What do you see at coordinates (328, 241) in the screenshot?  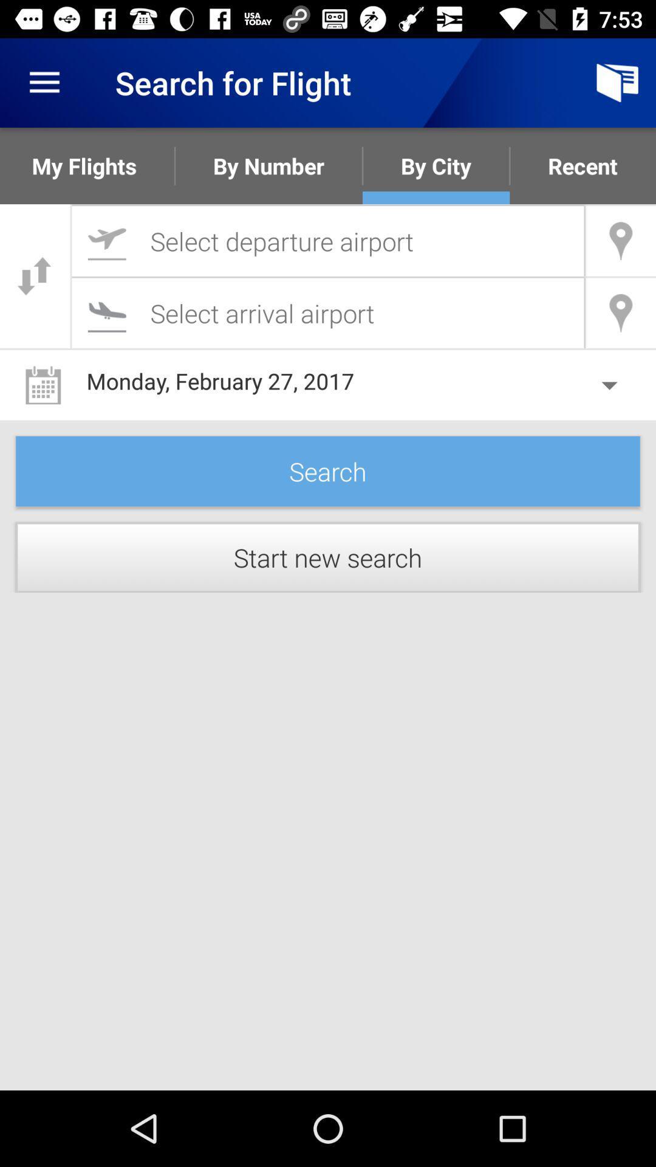 I see `search` at bounding box center [328, 241].